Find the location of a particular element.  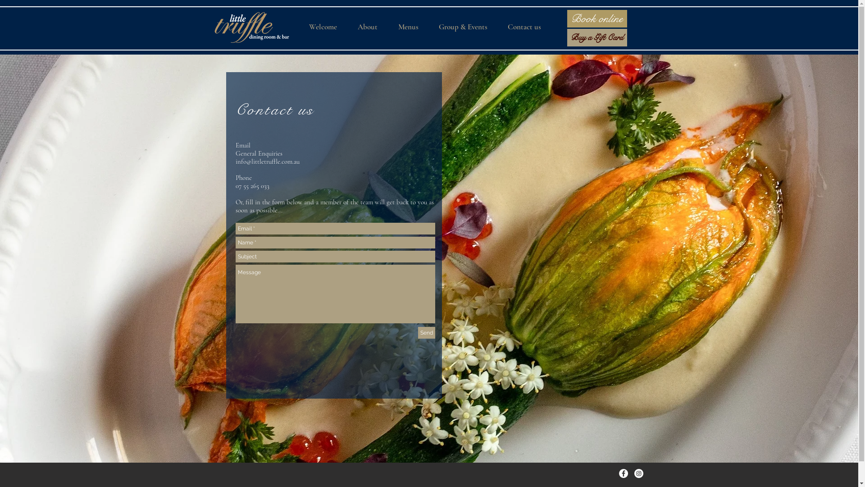

'Send' is located at coordinates (417, 332).